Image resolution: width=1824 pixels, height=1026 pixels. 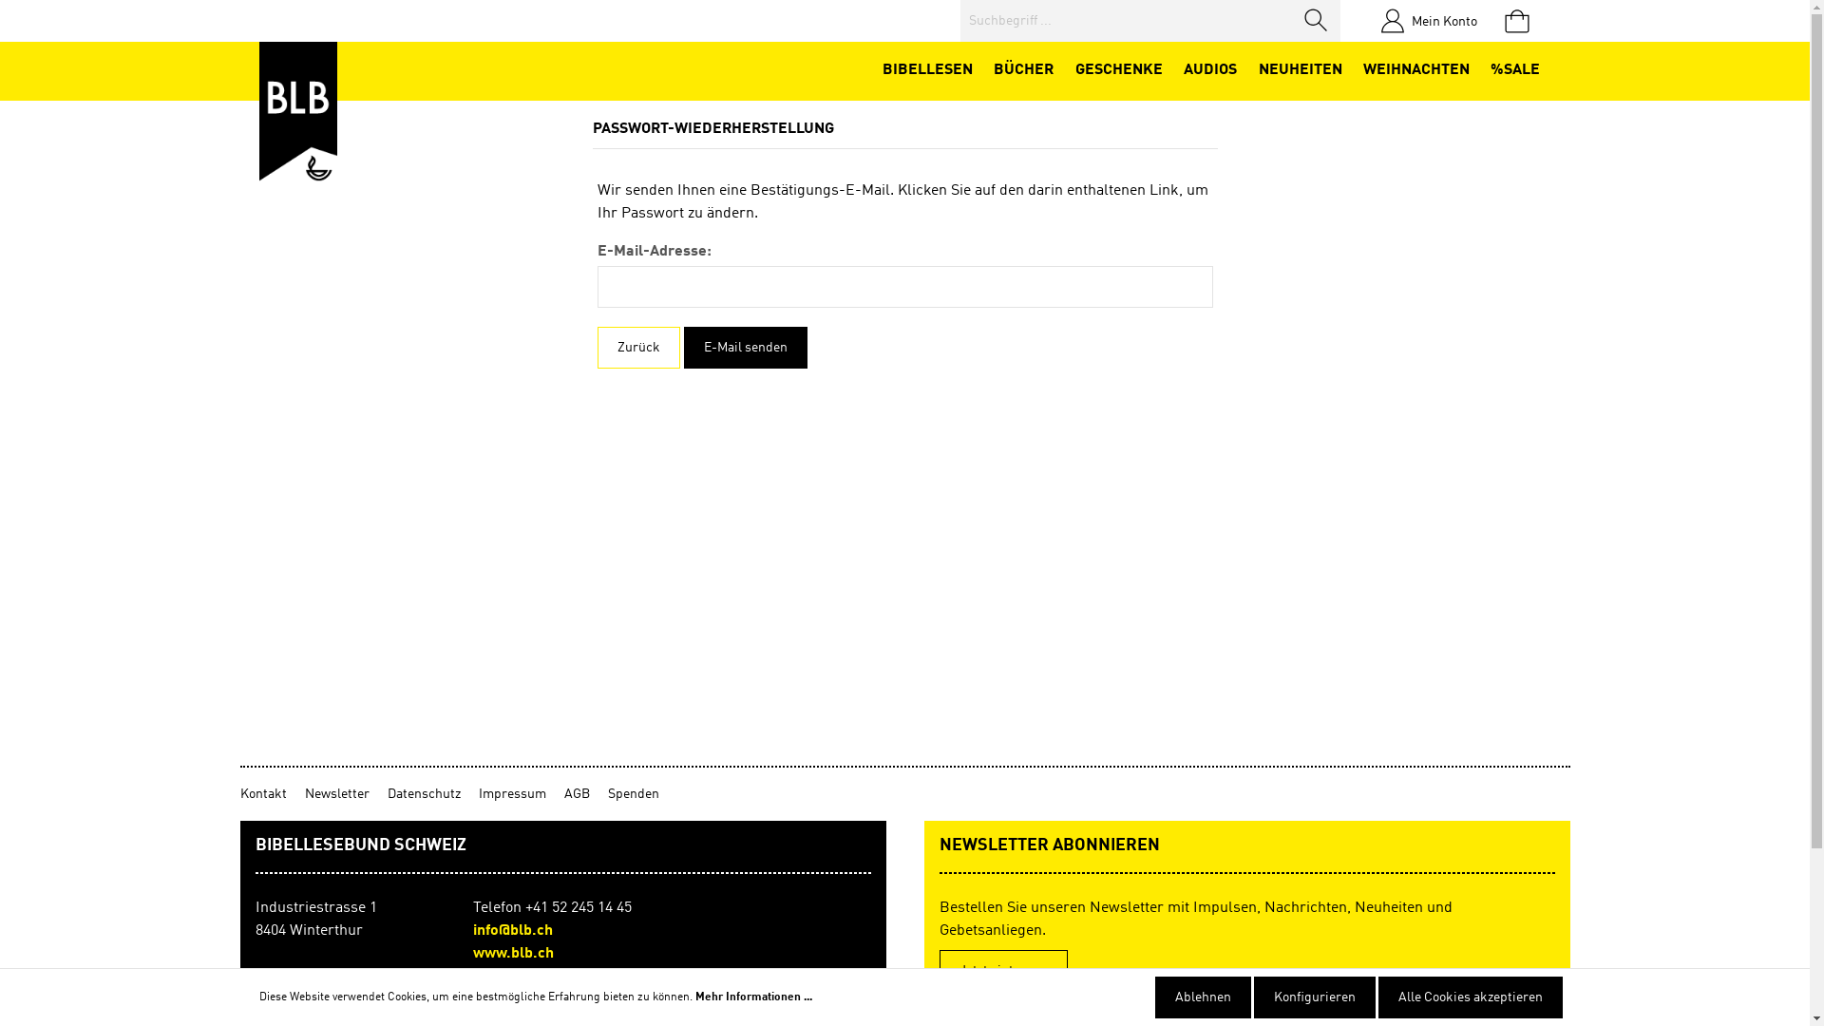 What do you see at coordinates (585, 794) in the screenshot?
I see `'AGB'` at bounding box center [585, 794].